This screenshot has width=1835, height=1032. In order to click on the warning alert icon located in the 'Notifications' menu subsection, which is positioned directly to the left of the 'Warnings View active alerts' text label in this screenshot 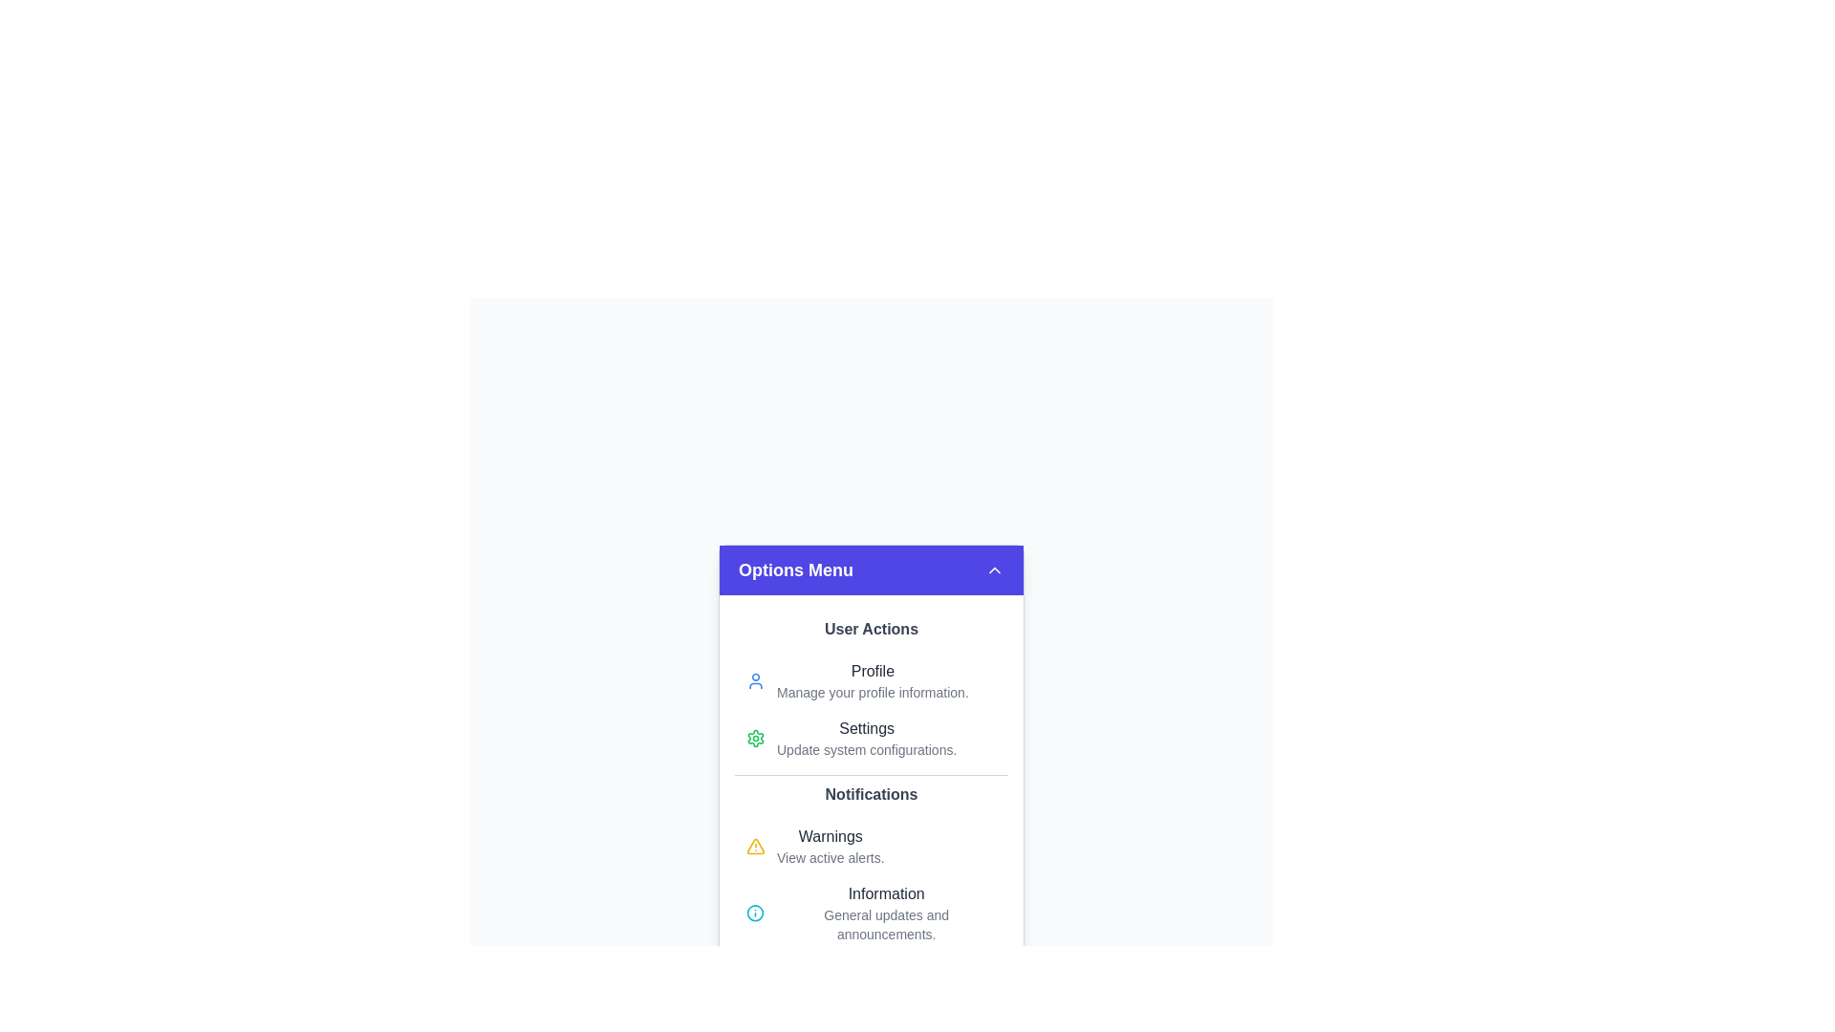, I will do `click(755, 846)`.